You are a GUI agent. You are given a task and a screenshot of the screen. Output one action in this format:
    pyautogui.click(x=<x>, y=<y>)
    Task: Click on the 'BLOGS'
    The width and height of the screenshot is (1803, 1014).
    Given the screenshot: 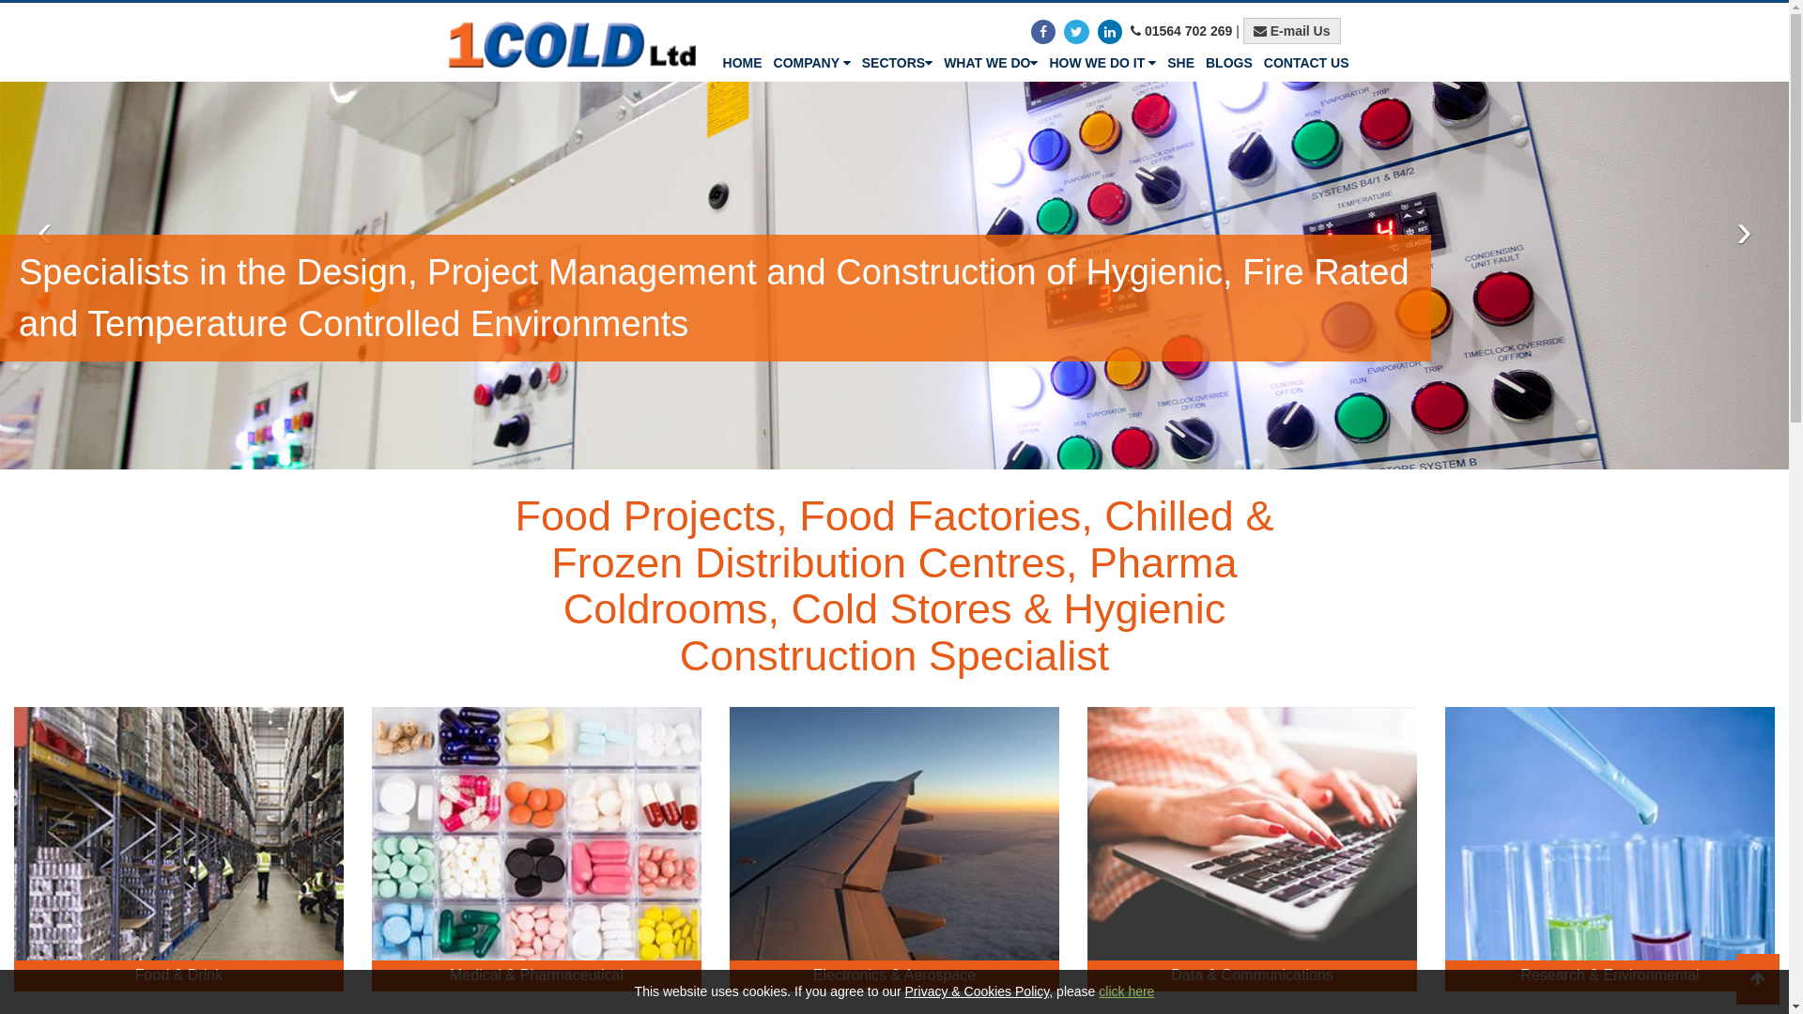 What is the action you would take?
    pyautogui.click(x=1198, y=61)
    